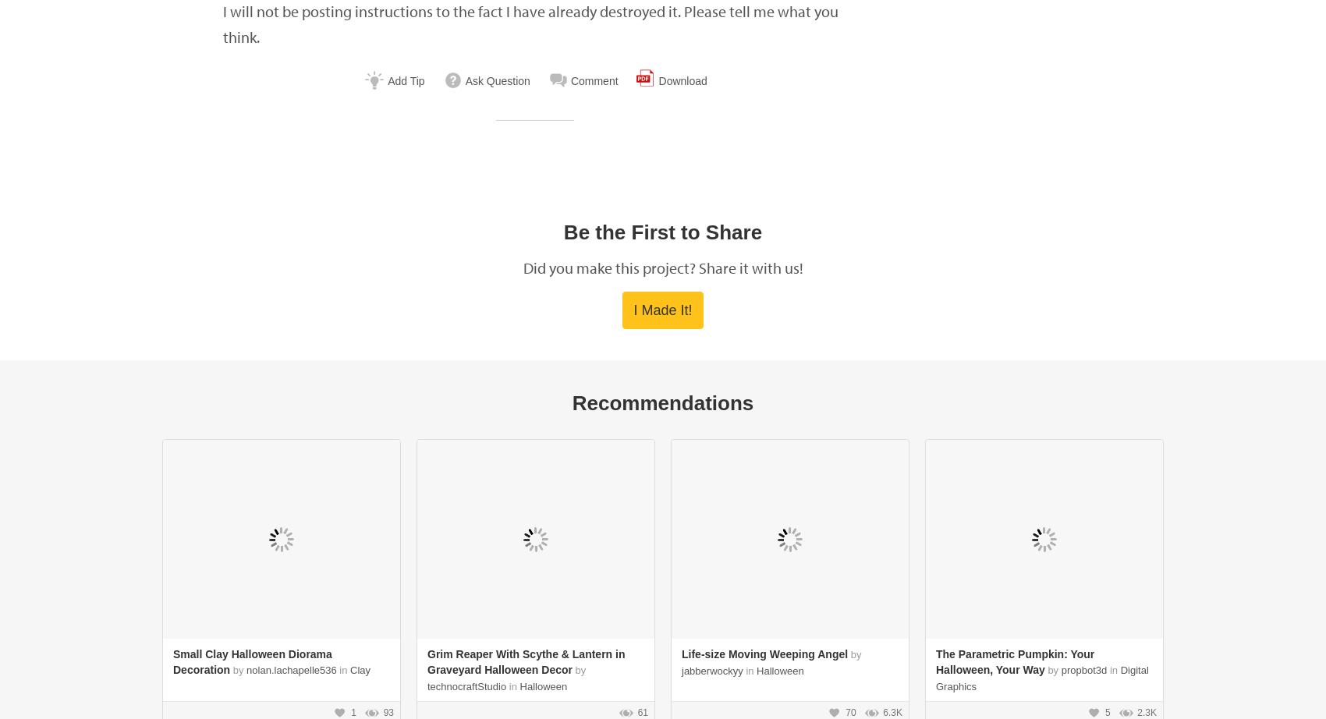 The height and width of the screenshot is (719, 1326). I want to click on 'The Parametric Pumpkin: Your Halloween, Your Way', so click(1015, 661).